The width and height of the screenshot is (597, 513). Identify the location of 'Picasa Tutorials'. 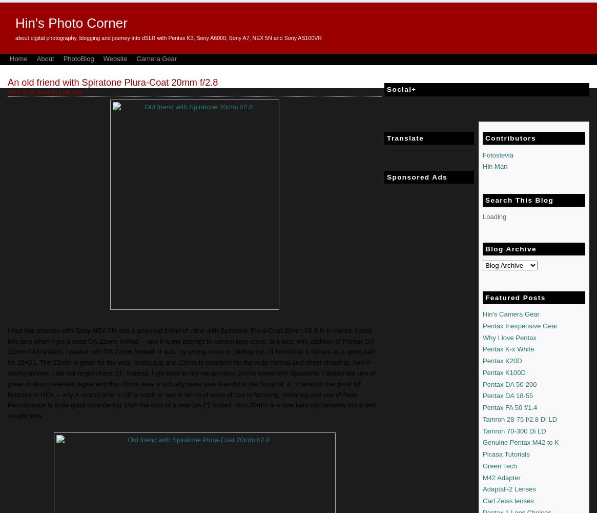
(482, 454).